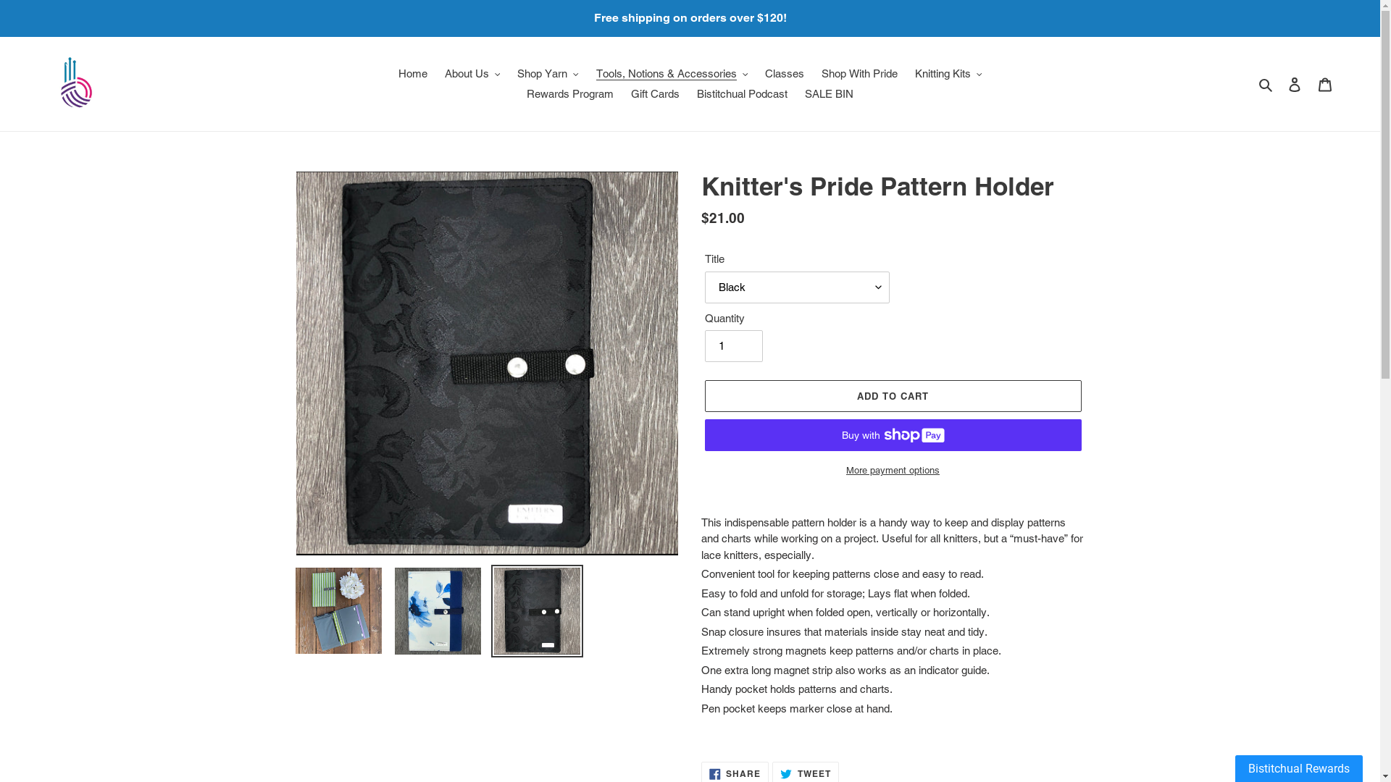  What do you see at coordinates (784, 74) in the screenshot?
I see `'Classes'` at bounding box center [784, 74].